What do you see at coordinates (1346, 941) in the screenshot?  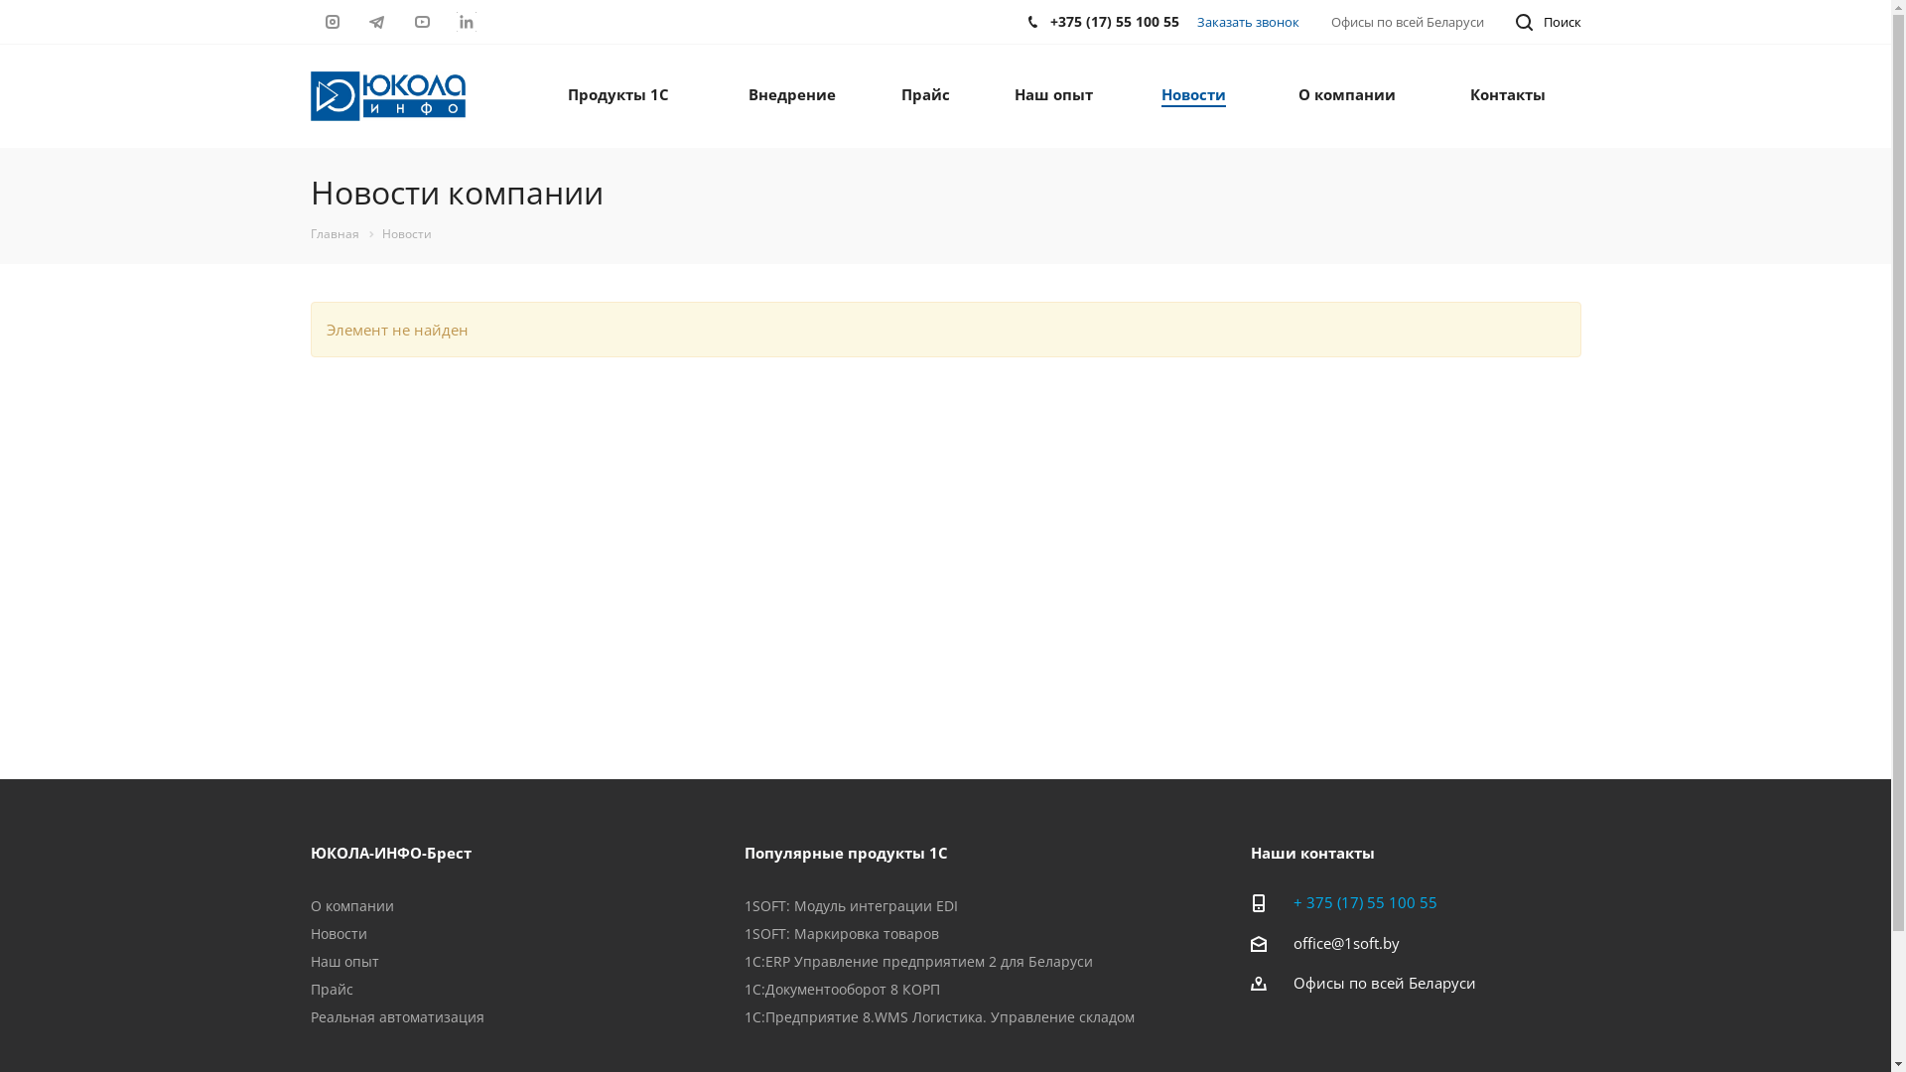 I see `'office@1soft.by'` at bounding box center [1346, 941].